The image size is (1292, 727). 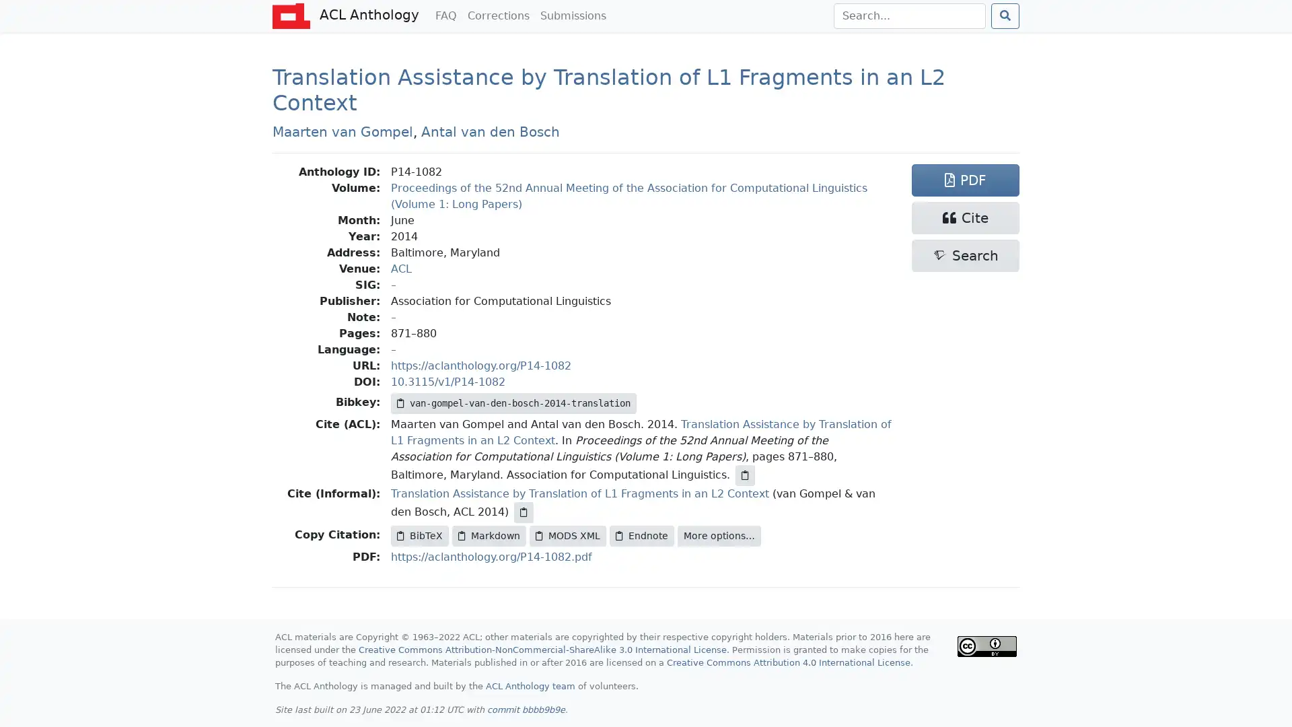 What do you see at coordinates (719, 534) in the screenshot?
I see `More options...` at bounding box center [719, 534].